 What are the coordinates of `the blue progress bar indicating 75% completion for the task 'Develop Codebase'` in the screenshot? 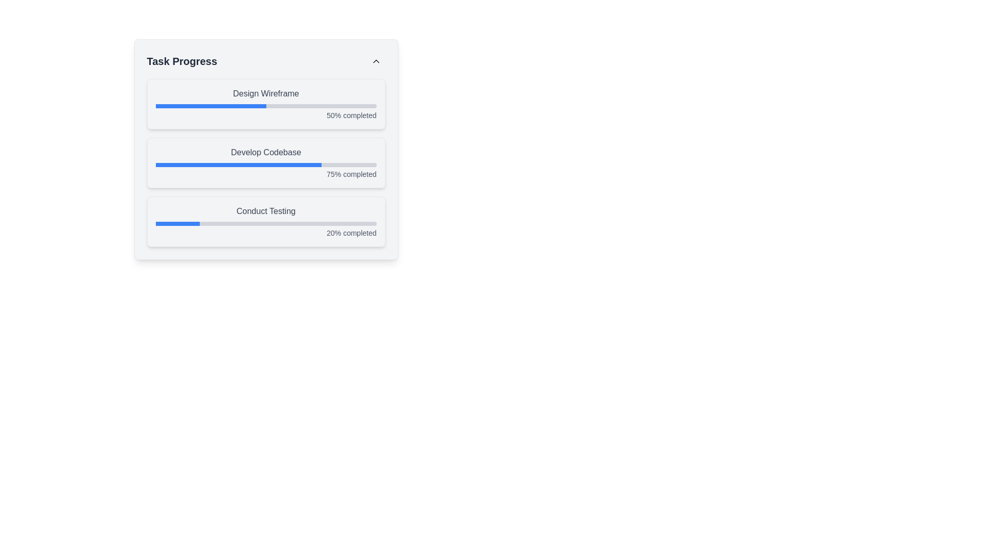 It's located at (237, 165).